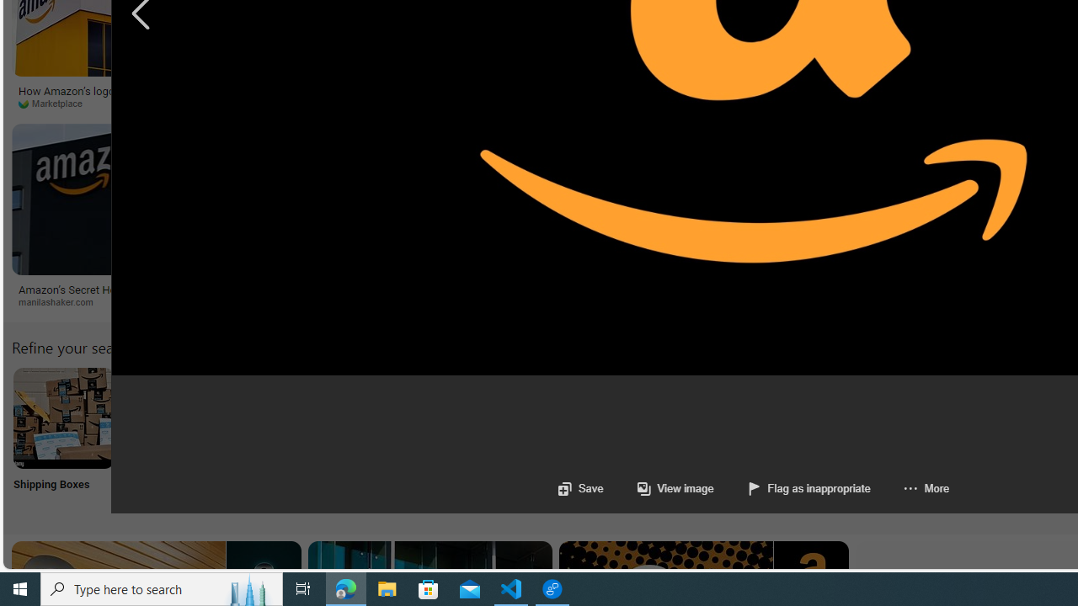  I want to click on 'Marketplace', so click(56, 103).